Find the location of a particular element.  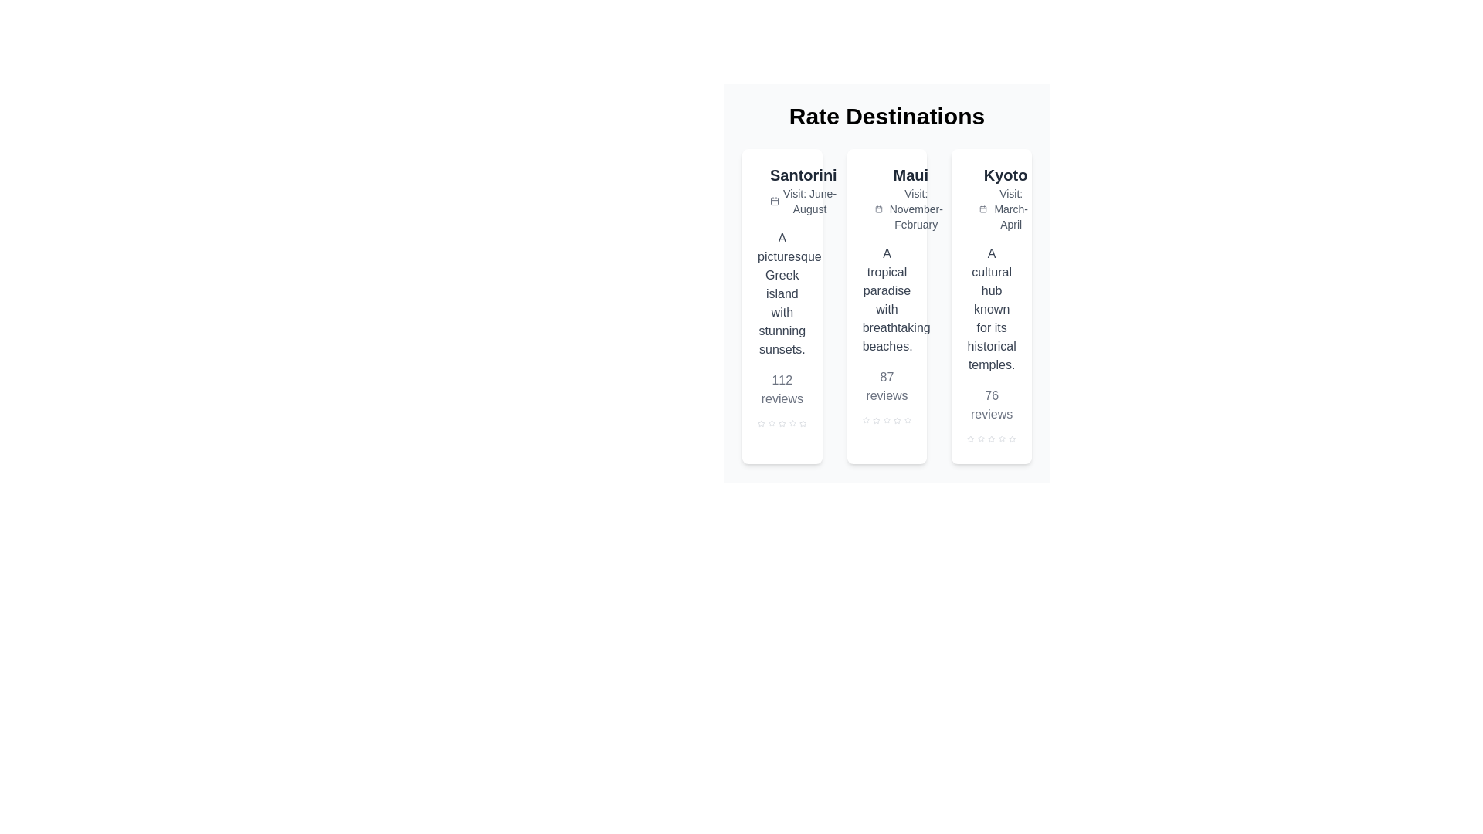

informational text block containing 'Kyoto' and 'Visit: March-April' located in the third column under the 'Rate Destinations' title is located at coordinates (1006, 198).